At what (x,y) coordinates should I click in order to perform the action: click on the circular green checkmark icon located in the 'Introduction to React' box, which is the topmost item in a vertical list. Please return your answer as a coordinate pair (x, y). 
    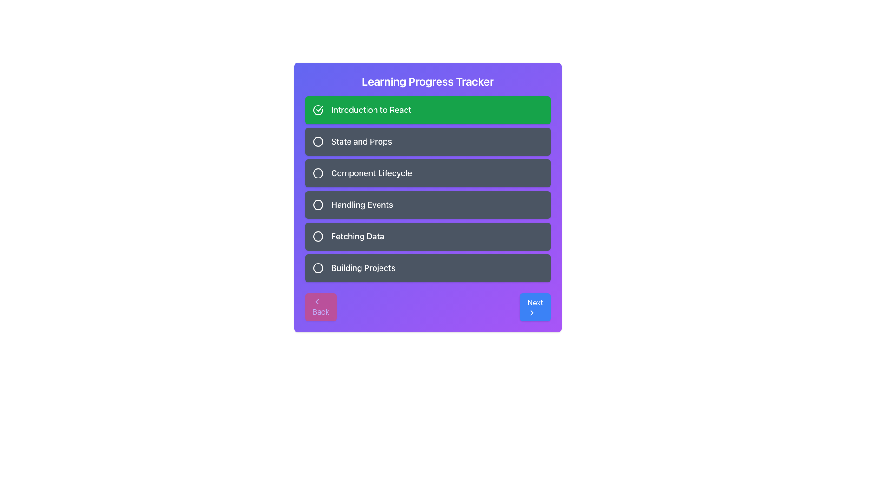
    Looking at the image, I should click on (318, 109).